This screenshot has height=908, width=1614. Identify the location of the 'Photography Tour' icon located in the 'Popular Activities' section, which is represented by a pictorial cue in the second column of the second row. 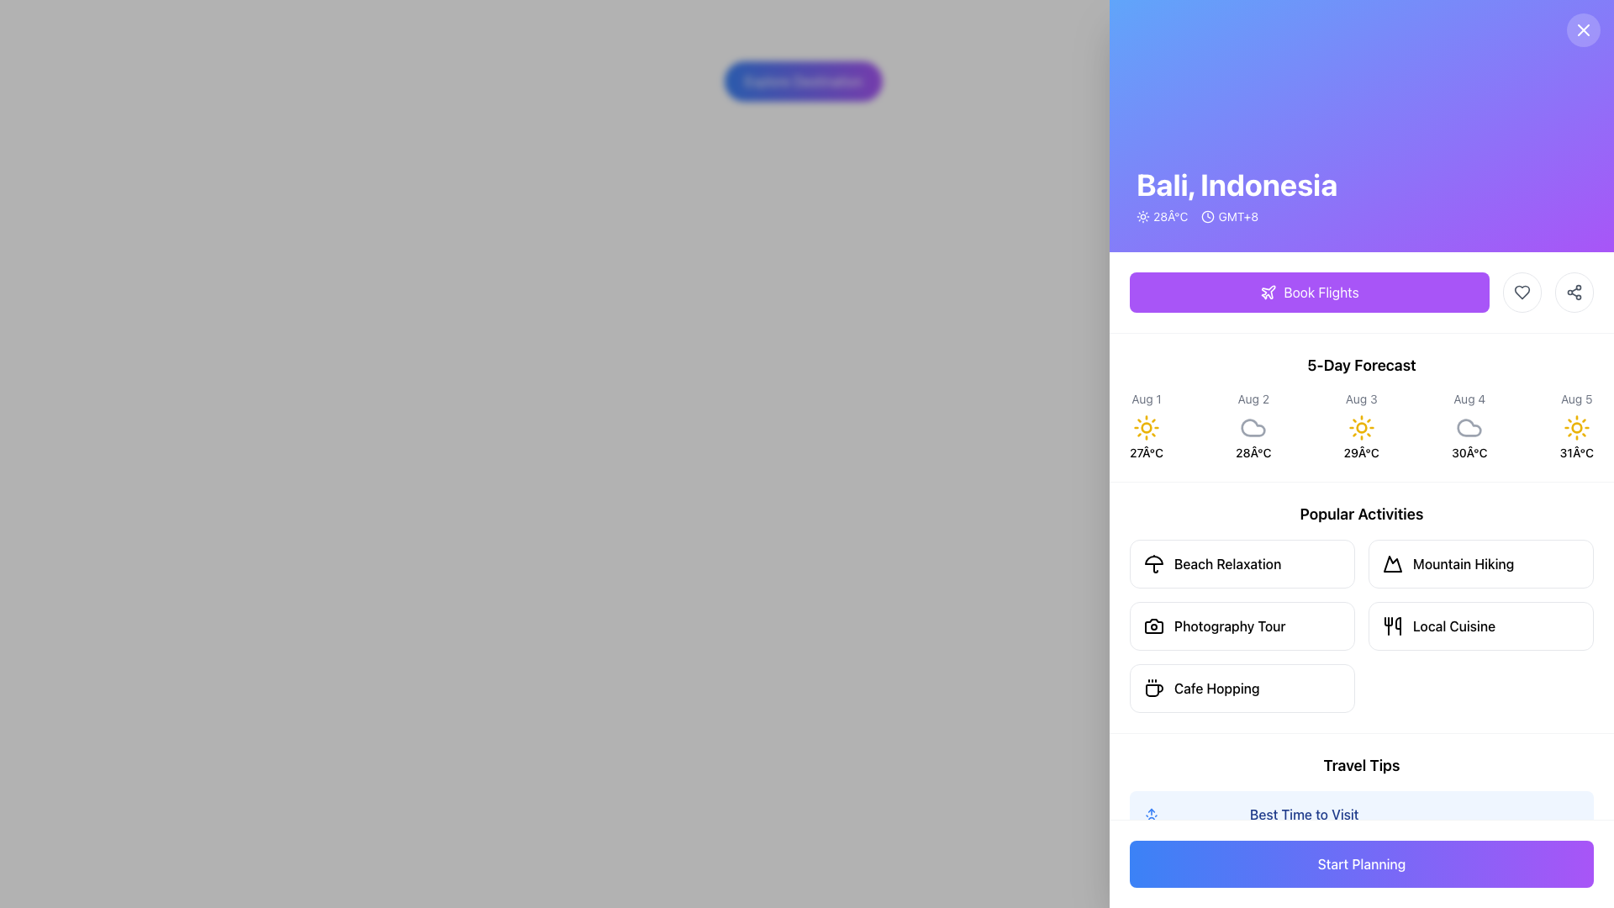
(1152, 626).